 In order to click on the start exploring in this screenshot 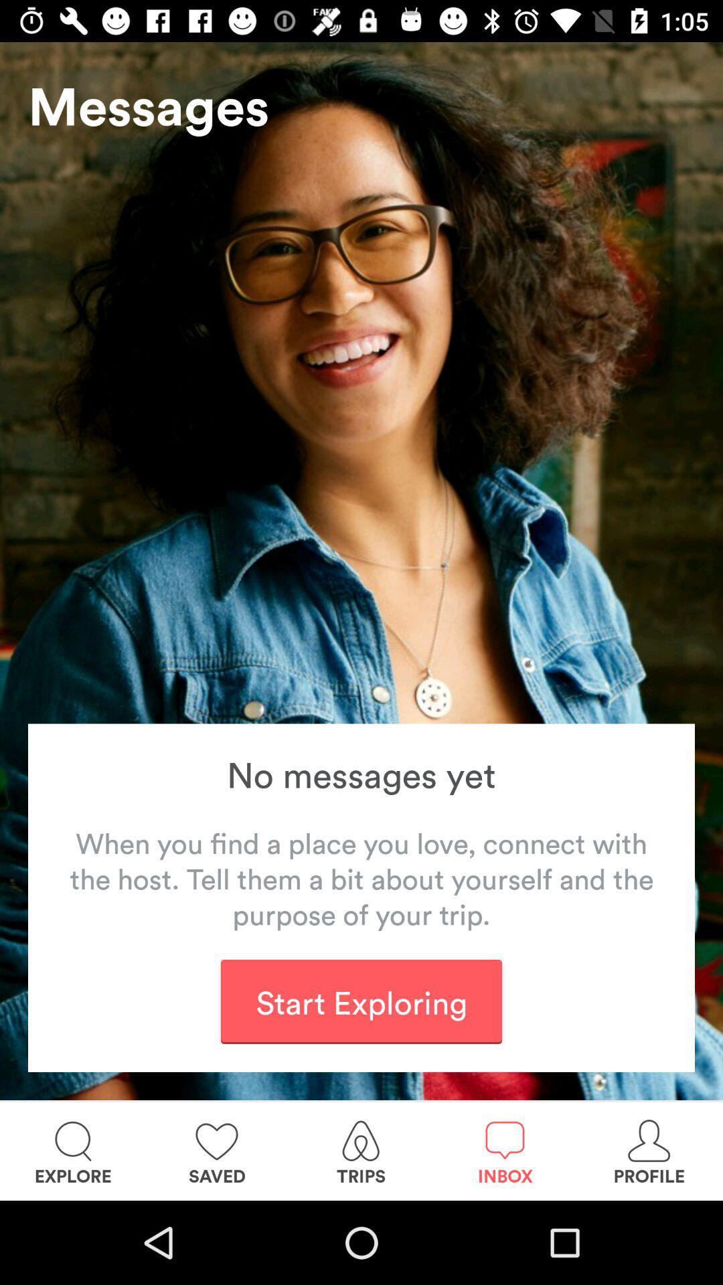, I will do `click(361, 1002)`.